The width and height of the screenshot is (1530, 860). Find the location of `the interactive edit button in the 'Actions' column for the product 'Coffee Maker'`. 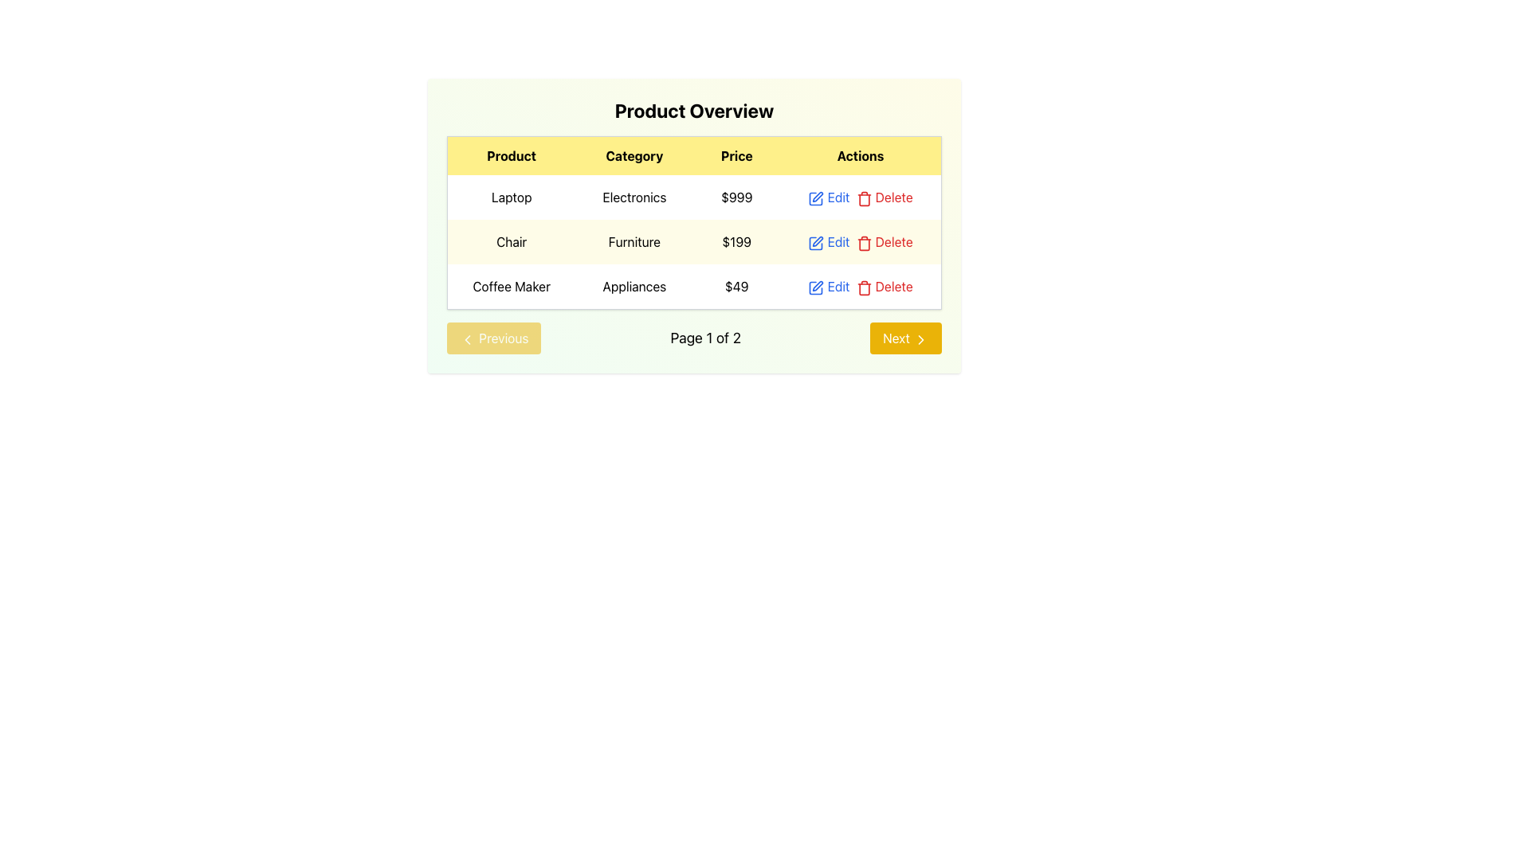

the interactive edit button in the 'Actions' column for the product 'Coffee Maker' is located at coordinates (818, 285).